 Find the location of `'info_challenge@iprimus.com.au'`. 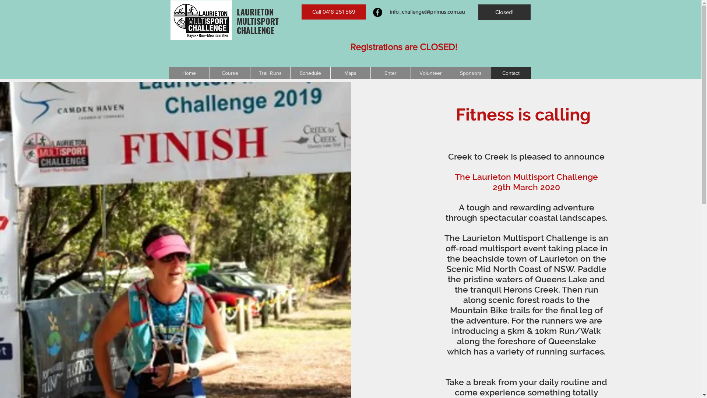

'info_challenge@iprimus.com.au' is located at coordinates (427, 11).